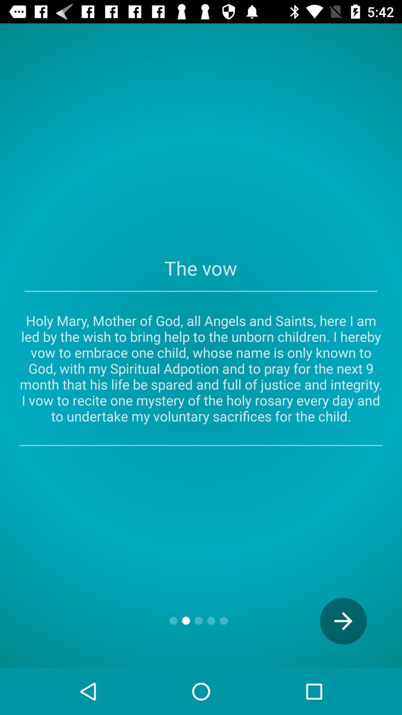  I want to click on the icon at the bottom right corner, so click(343, 621).